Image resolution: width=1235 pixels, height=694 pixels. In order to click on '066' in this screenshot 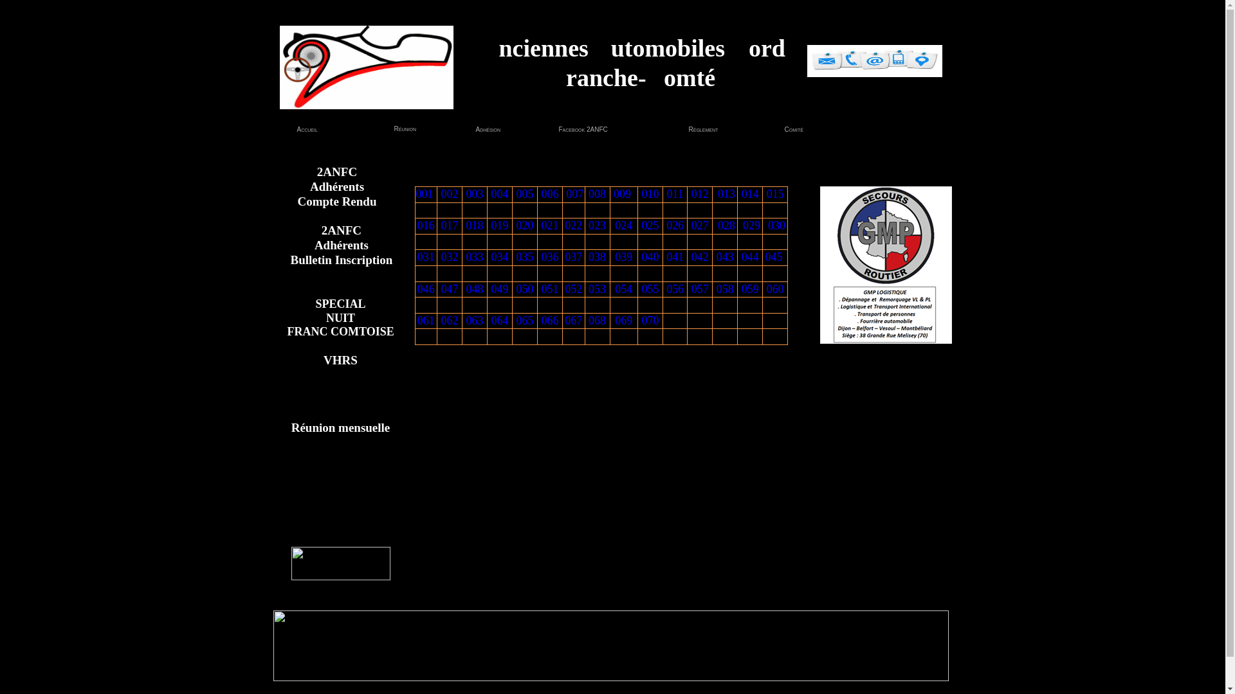, I will do `click(550, 319)`.